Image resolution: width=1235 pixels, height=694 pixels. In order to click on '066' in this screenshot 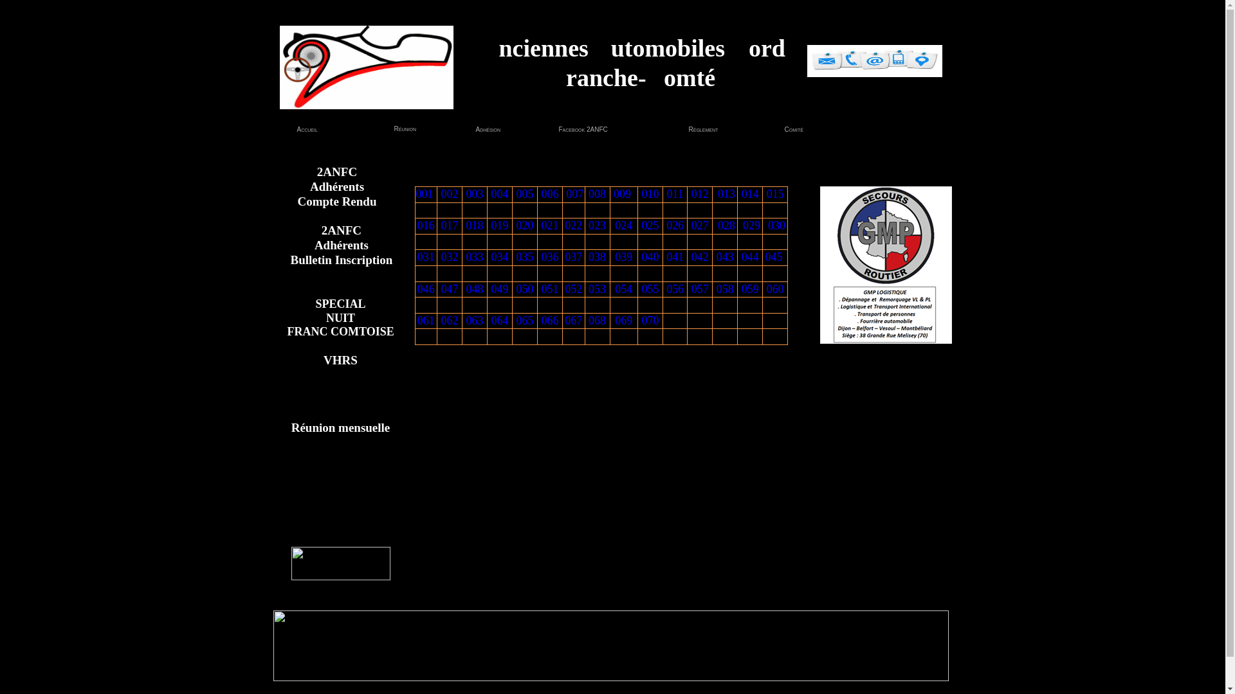, I will do `click(550, 319)`.